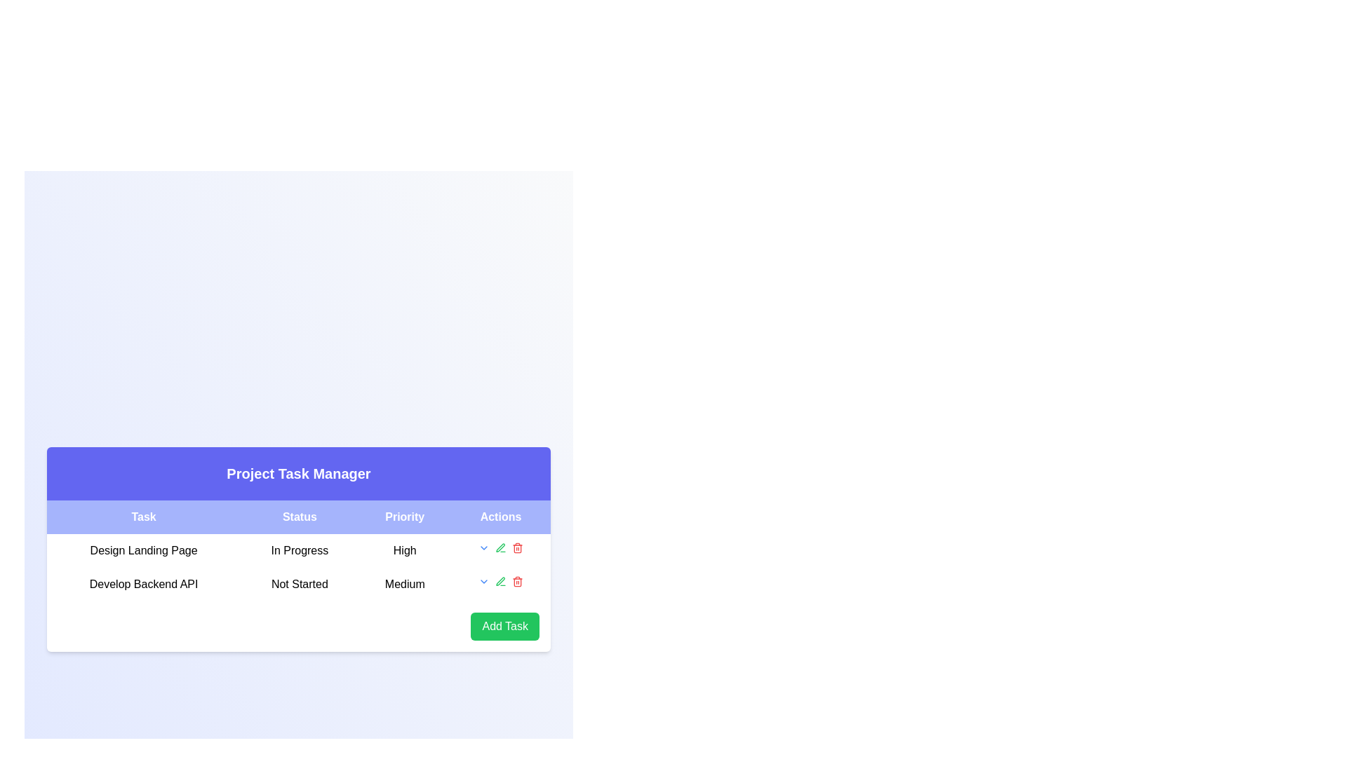 Image resolution: width=1347 pixels, height=757 pixels. What do you see at coordinates (299, 550) in the screenshot?
I see `the status indicator text label for the task 'Design Landing Page', which shows the current progress as 'In Progress'` at bounding box center [299, 550].